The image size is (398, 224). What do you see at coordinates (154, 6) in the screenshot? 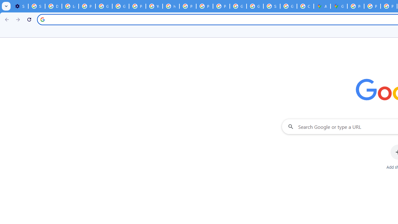
I see `'YouTube'` at bounding box center [154, 6].